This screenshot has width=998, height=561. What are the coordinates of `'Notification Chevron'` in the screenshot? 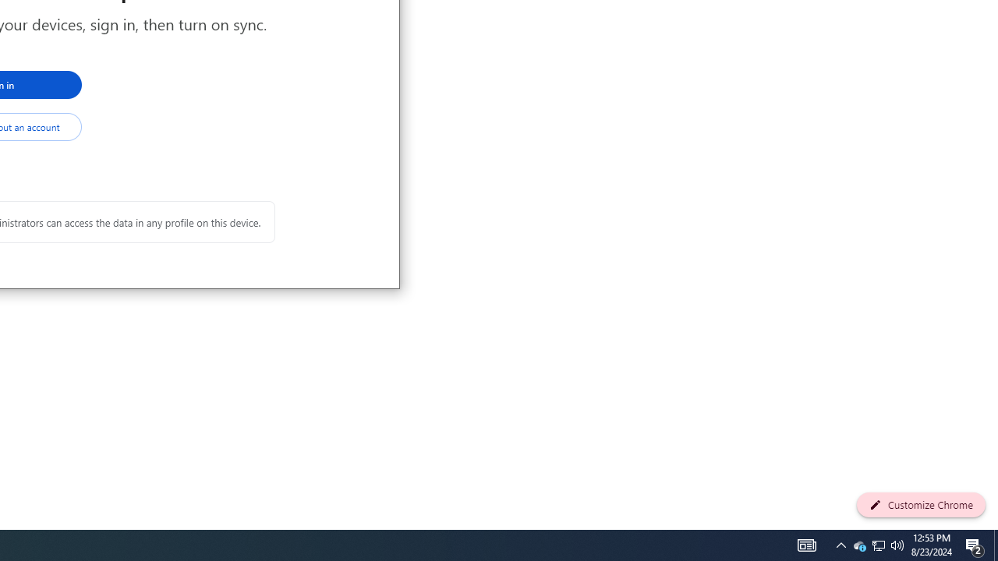 It's located at (879, 544).